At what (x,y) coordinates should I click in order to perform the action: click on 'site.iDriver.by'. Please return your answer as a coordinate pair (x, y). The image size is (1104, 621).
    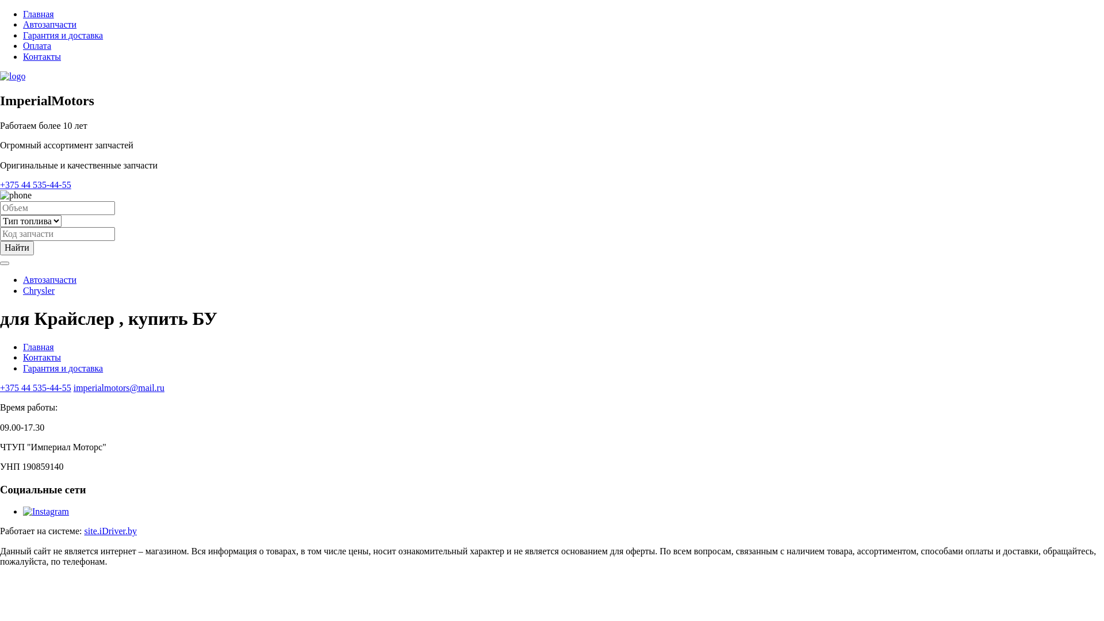
    Looking at the image, I should click on (110, 531).